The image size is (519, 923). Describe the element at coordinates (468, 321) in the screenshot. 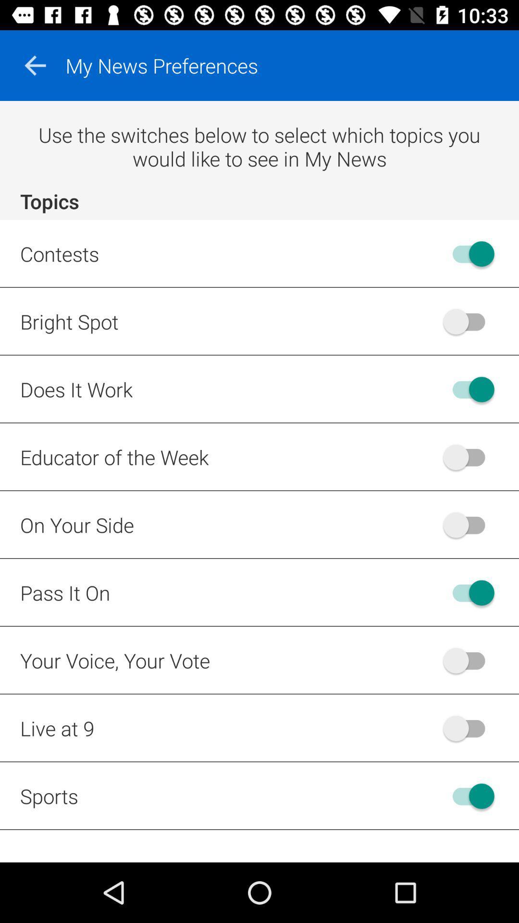

I see `bright spot preference` at that location.